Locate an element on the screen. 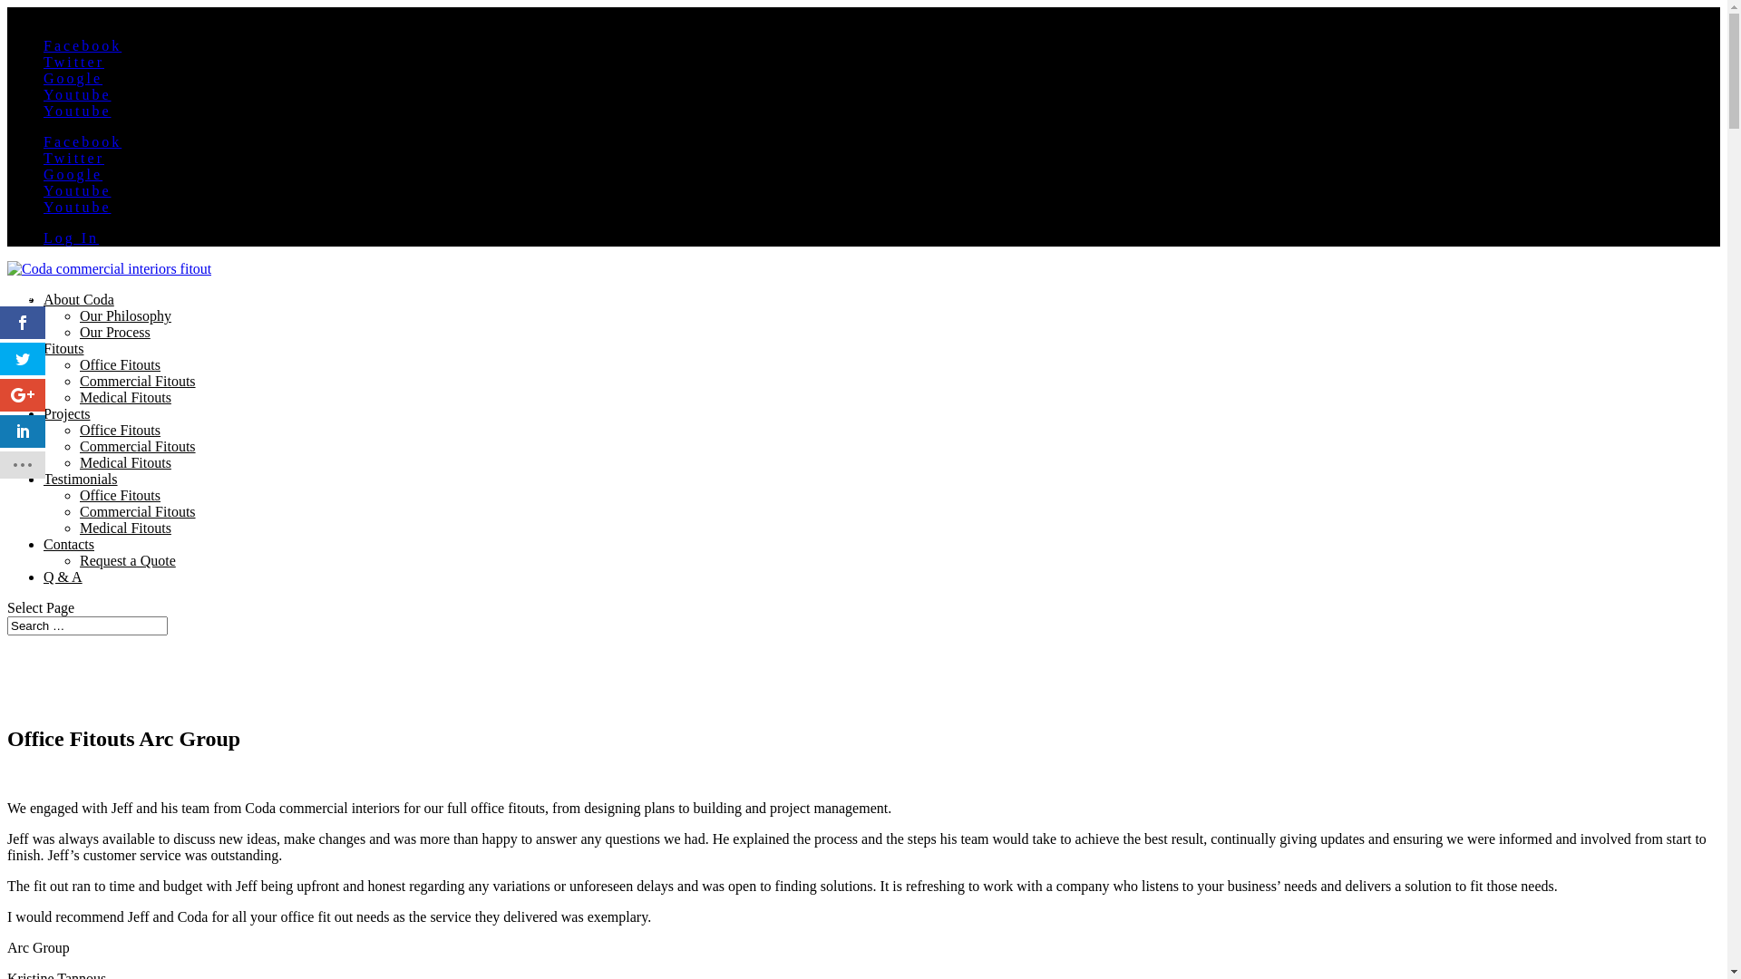 The width and height of the screenshot is (1741, 979). 'Search for:' is located at coordinates (7, 625).